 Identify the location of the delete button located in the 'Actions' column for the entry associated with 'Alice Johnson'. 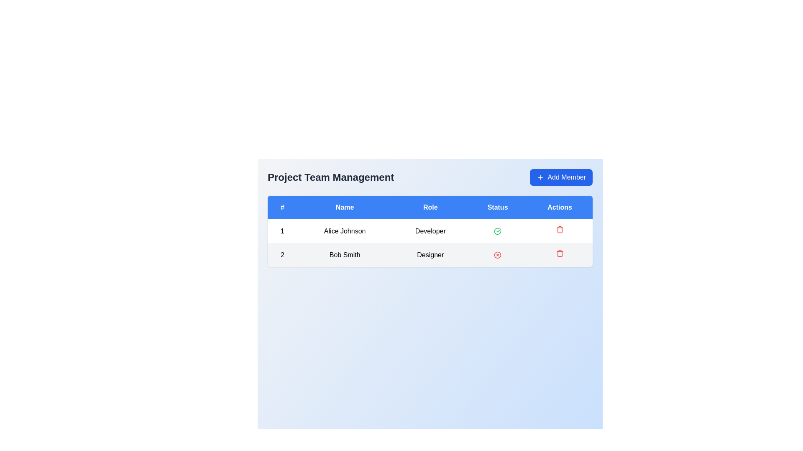
(560, 231).